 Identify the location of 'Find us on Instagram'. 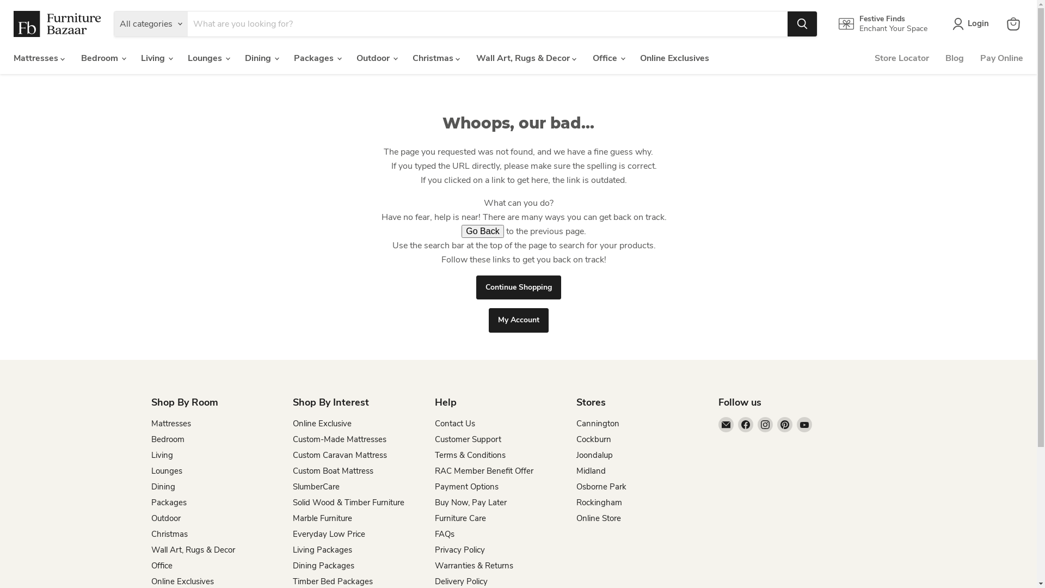
(765, 424).